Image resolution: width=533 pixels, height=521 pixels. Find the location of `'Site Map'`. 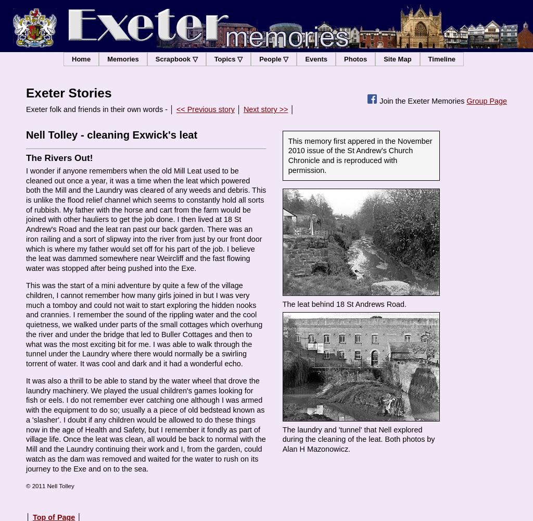

'Site Map' is located at coordinates (397, 58).